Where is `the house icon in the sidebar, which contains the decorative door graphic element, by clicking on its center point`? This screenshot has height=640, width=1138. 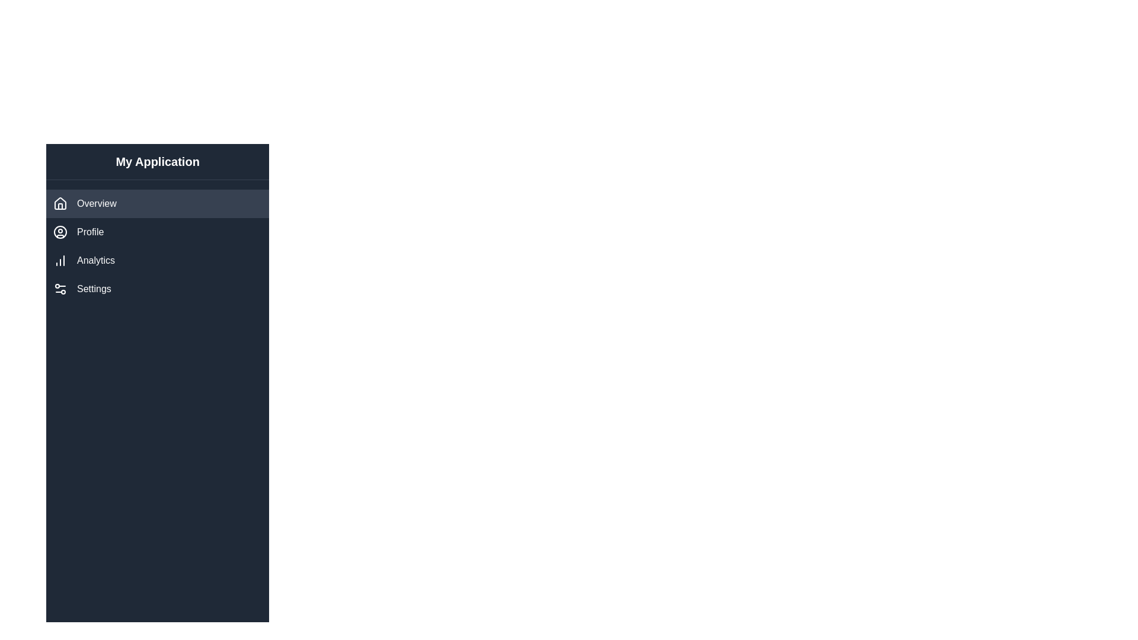 the house icon in the sidebar, which contains the decorative door graphic element, by clicking on its center point is located at coordinates (59, 206).